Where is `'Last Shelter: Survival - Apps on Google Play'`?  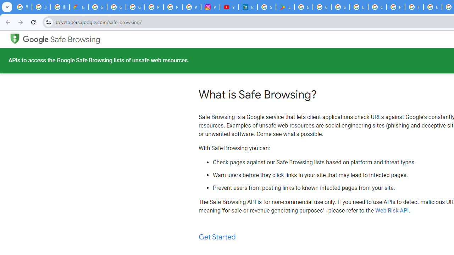 'Last Shelter: Survival - Apps on Google Play' is located at coordinates (285, 7).